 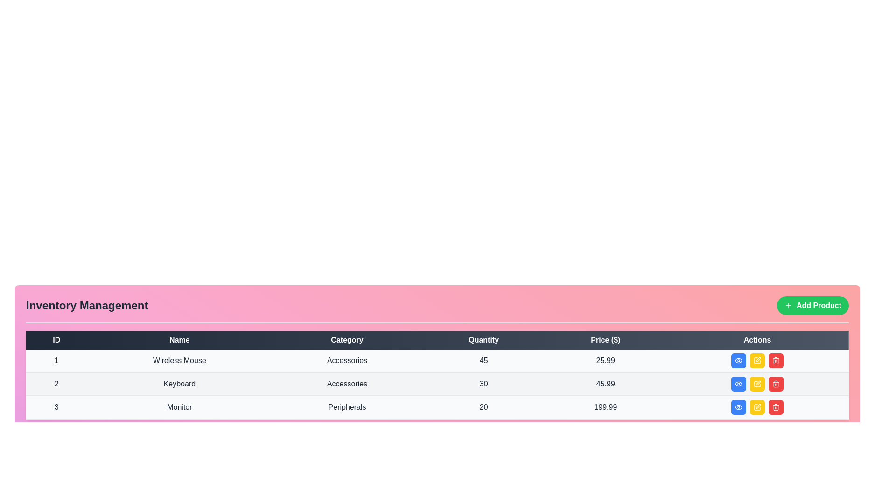 I want to click on the red button with a trash can icon located to the right of the yellow edit button, so click(x=776, y=384).